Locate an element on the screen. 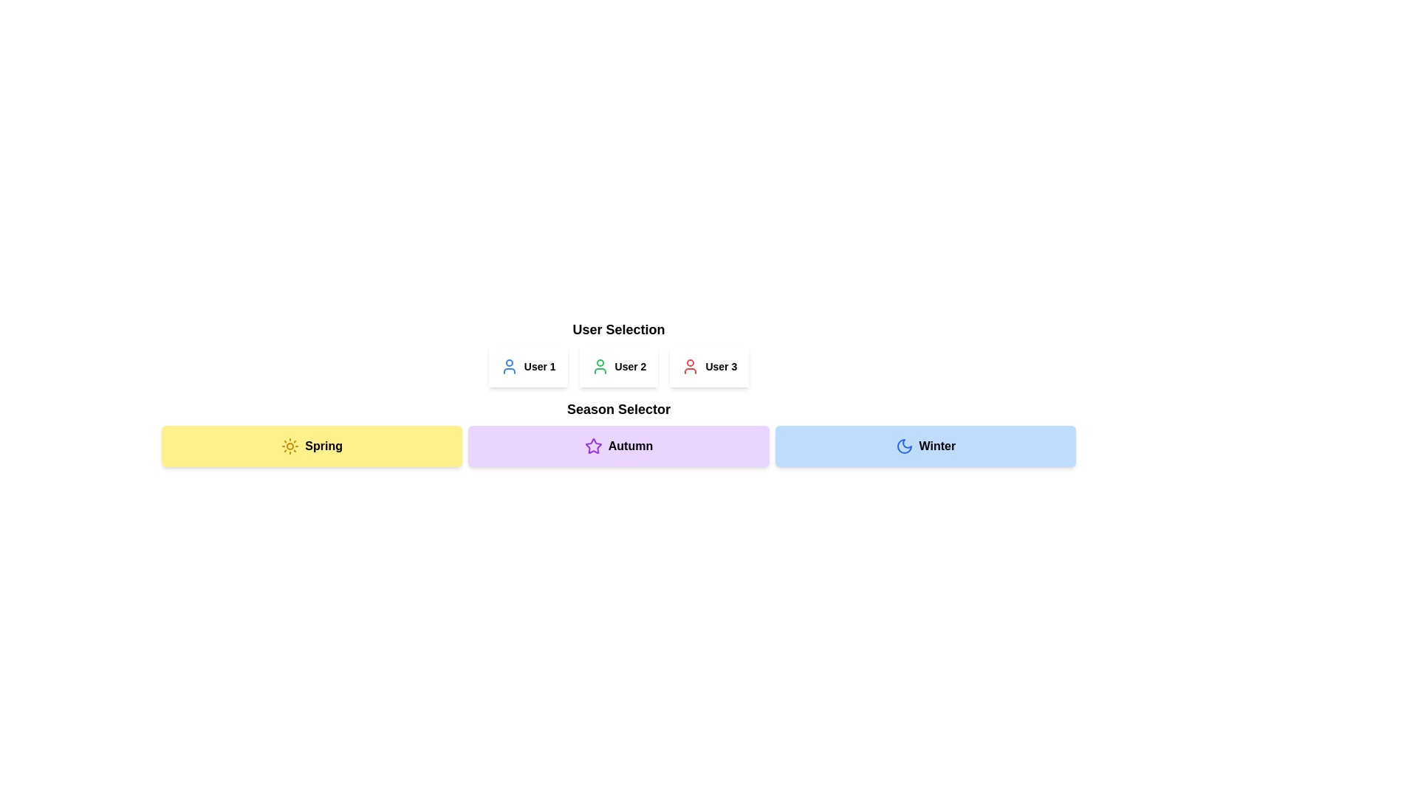 This screenshot has height=797, width=1418. the green user icon styled within a circle, representing 'User 2', located to the left of the text 'User 2' is located at coordinates (600, 366).